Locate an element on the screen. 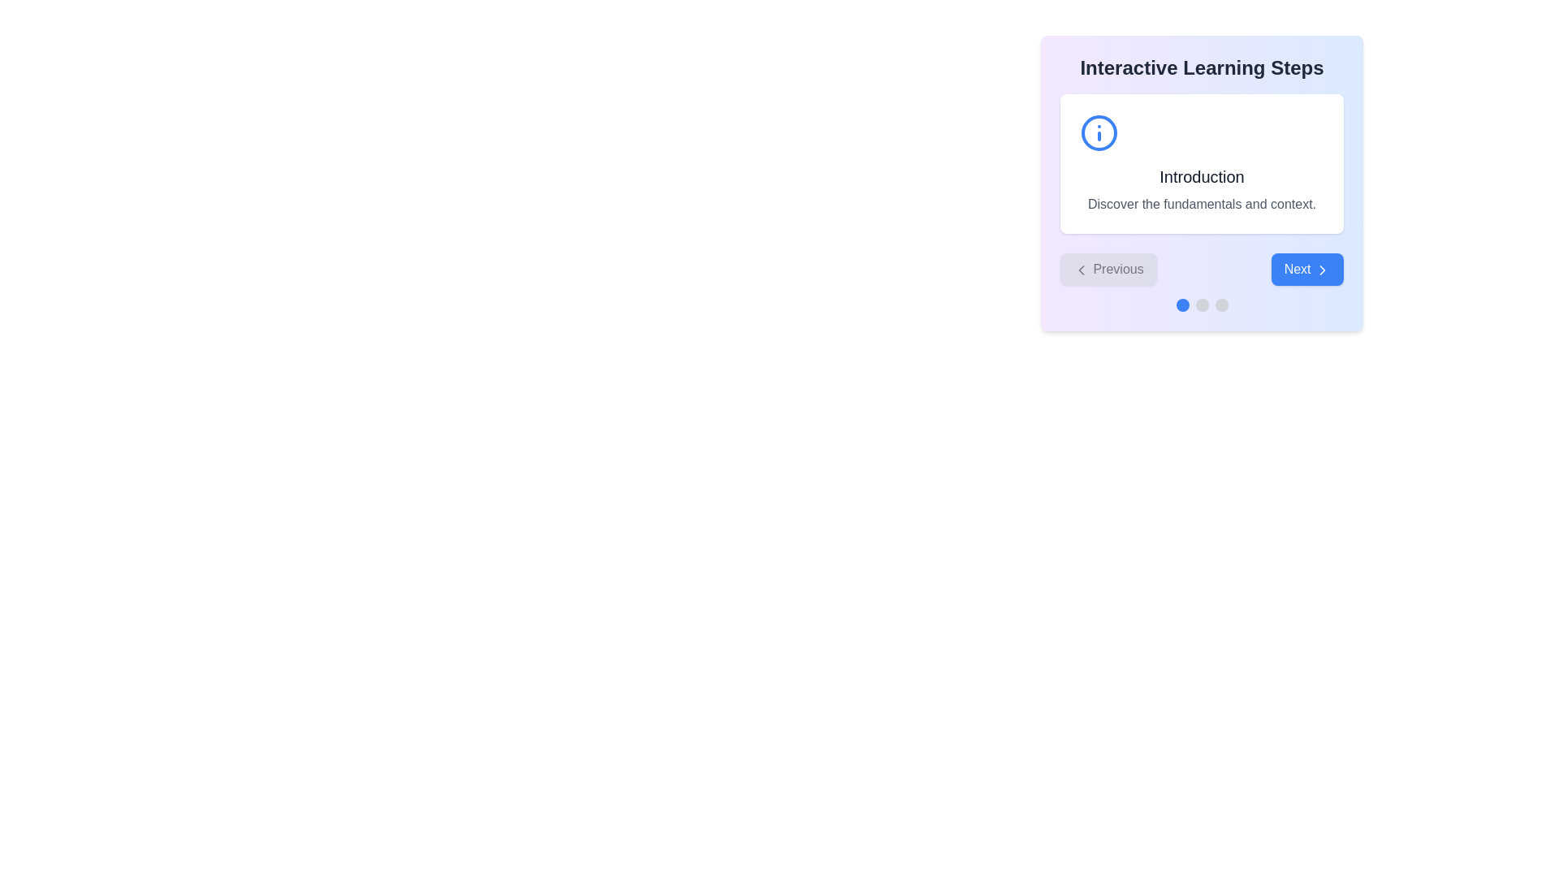 This screenshot has width=1559, height=877. the 'Next' button located at the bottom-right corner of the 'Interactive Learning Steps' card, which contains a chevron icon indicating forward navigation is located at coordinates (1322, 268).